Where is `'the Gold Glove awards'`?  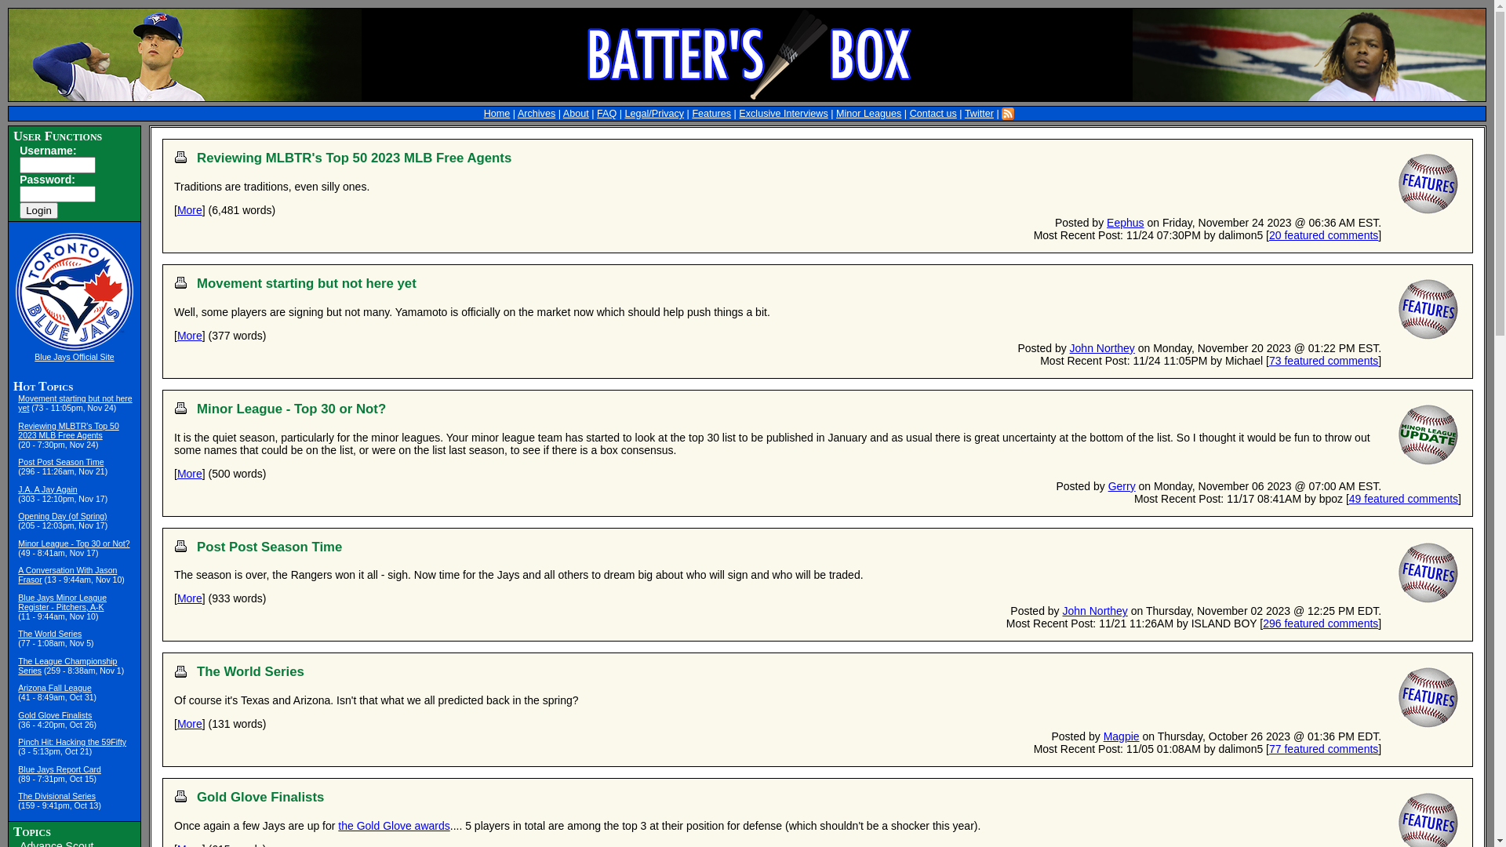 'the Gold Glove awards' is located at coordinates (394, 825).